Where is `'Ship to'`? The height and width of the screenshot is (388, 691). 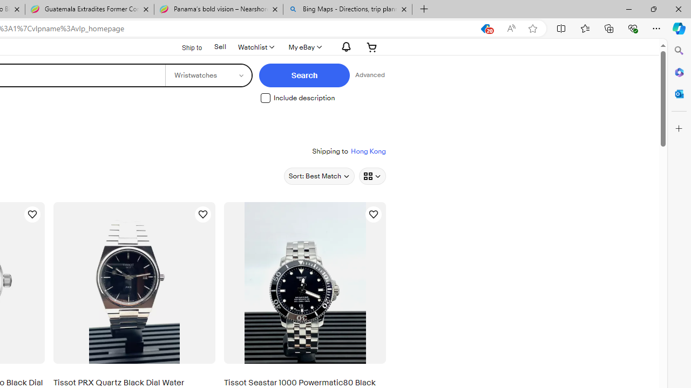 'Ship to' is located at coordinates (185, 47).